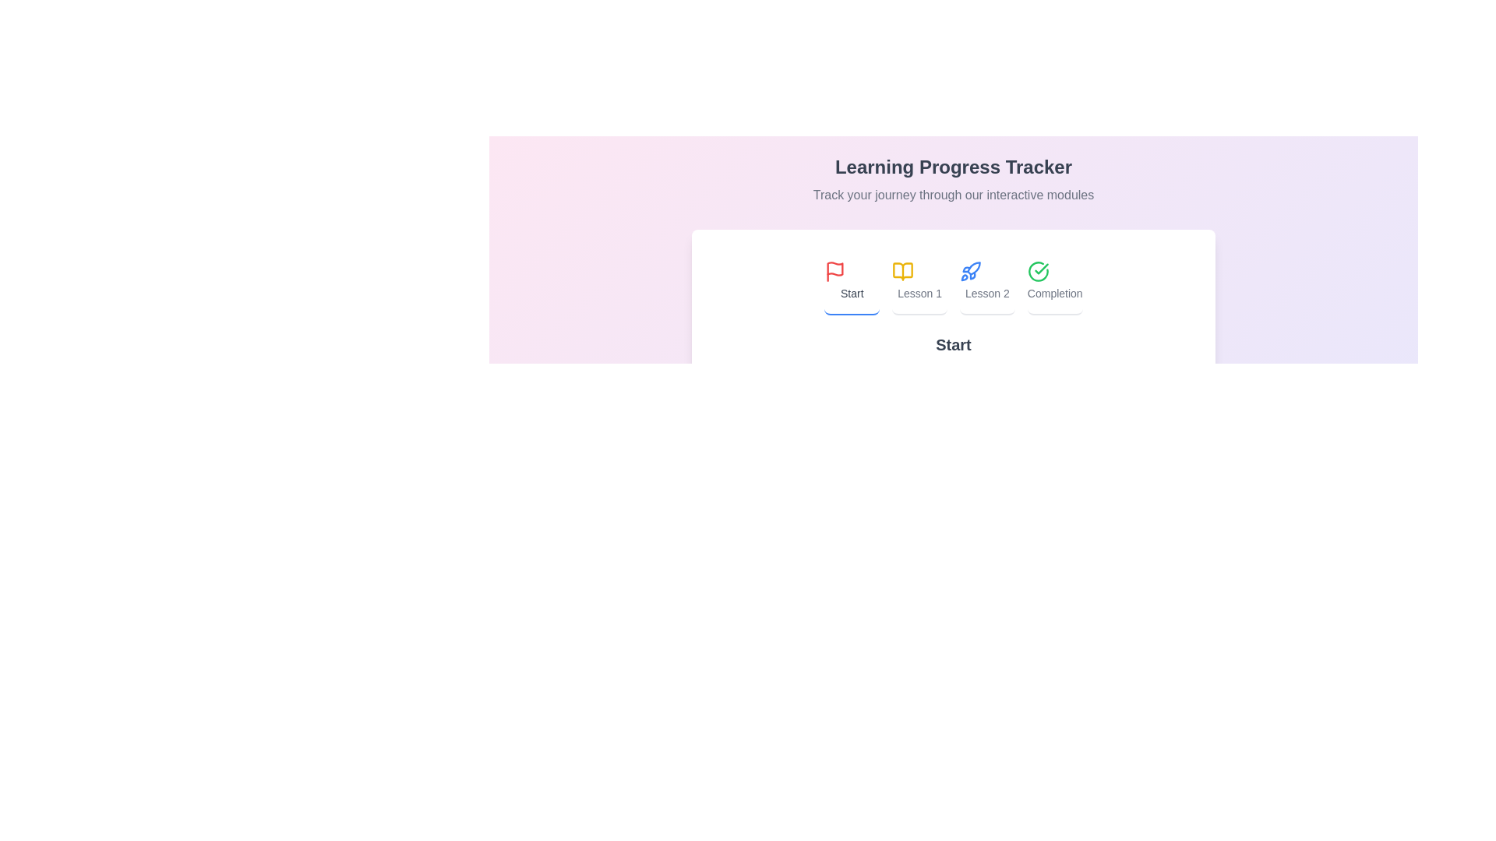 The width and height of the screenshot is (1496, 841). I want to click on the tab labeled Lesson 2 by clicking on its button, so click(986, 282).